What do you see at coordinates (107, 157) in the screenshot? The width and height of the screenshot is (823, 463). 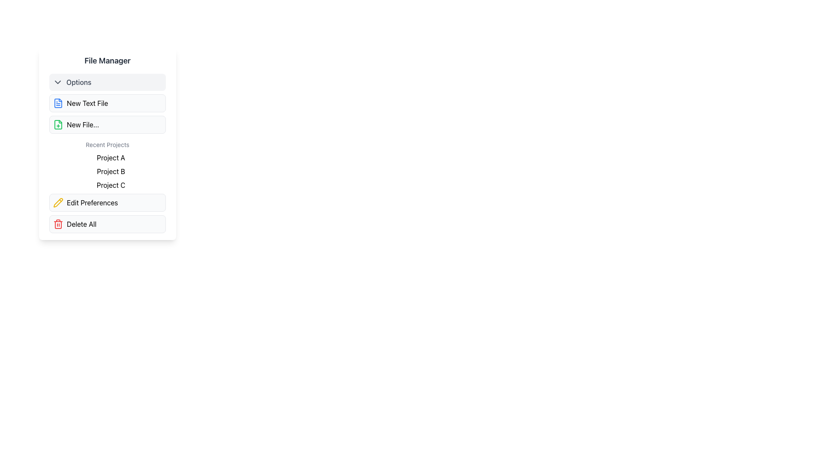 I see `the text label 'Project A' located under the 'Recent Projects' heading in the sidebar` at bounding box center [107, 157].